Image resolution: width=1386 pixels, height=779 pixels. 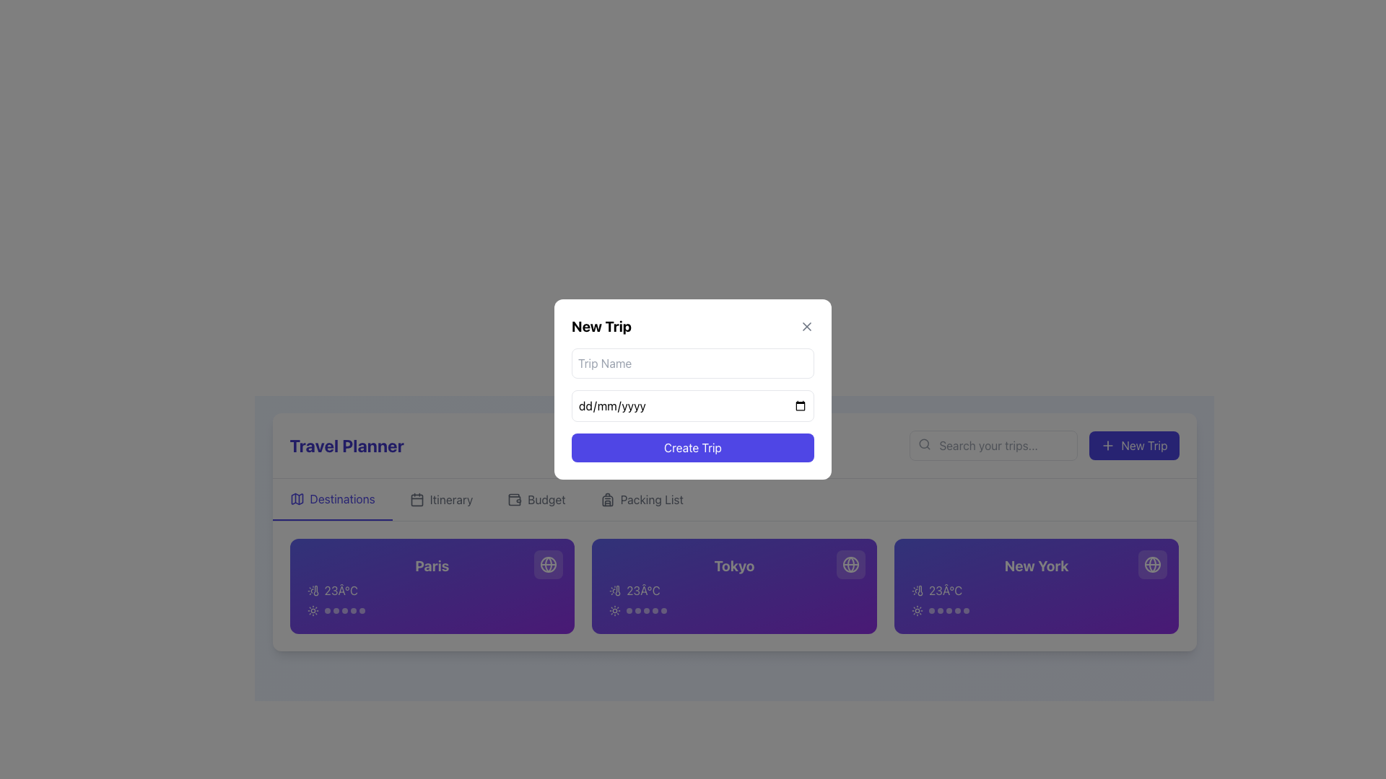 I want to click on the temperature icon located on the left segment of the 'Paris' card in the city options grid, which visually represents temperature information, so click(x=315, y=590).